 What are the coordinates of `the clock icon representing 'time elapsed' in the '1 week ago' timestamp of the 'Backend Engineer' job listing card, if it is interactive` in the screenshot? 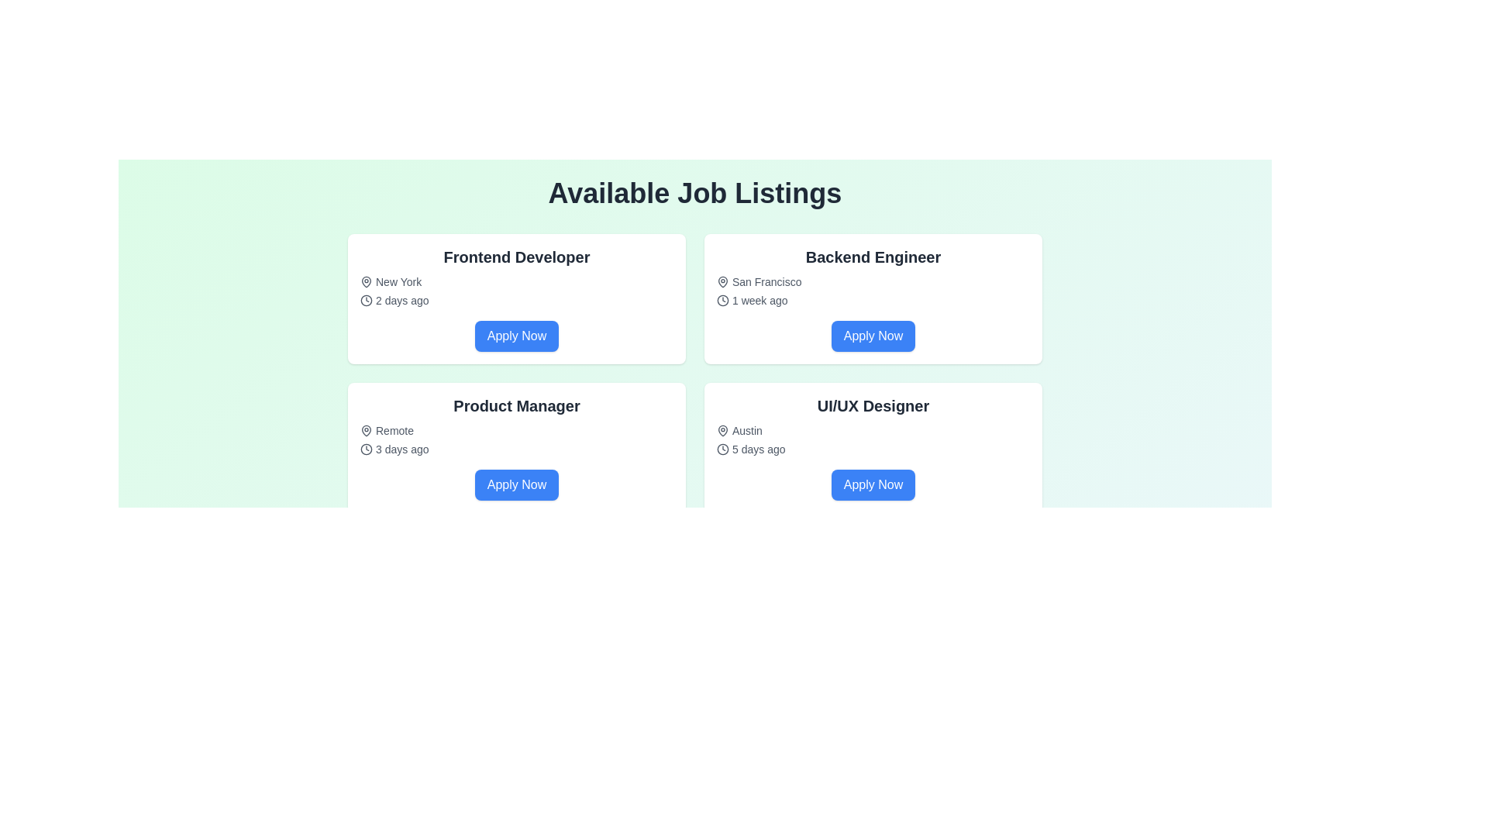 It's located at (722, 301).